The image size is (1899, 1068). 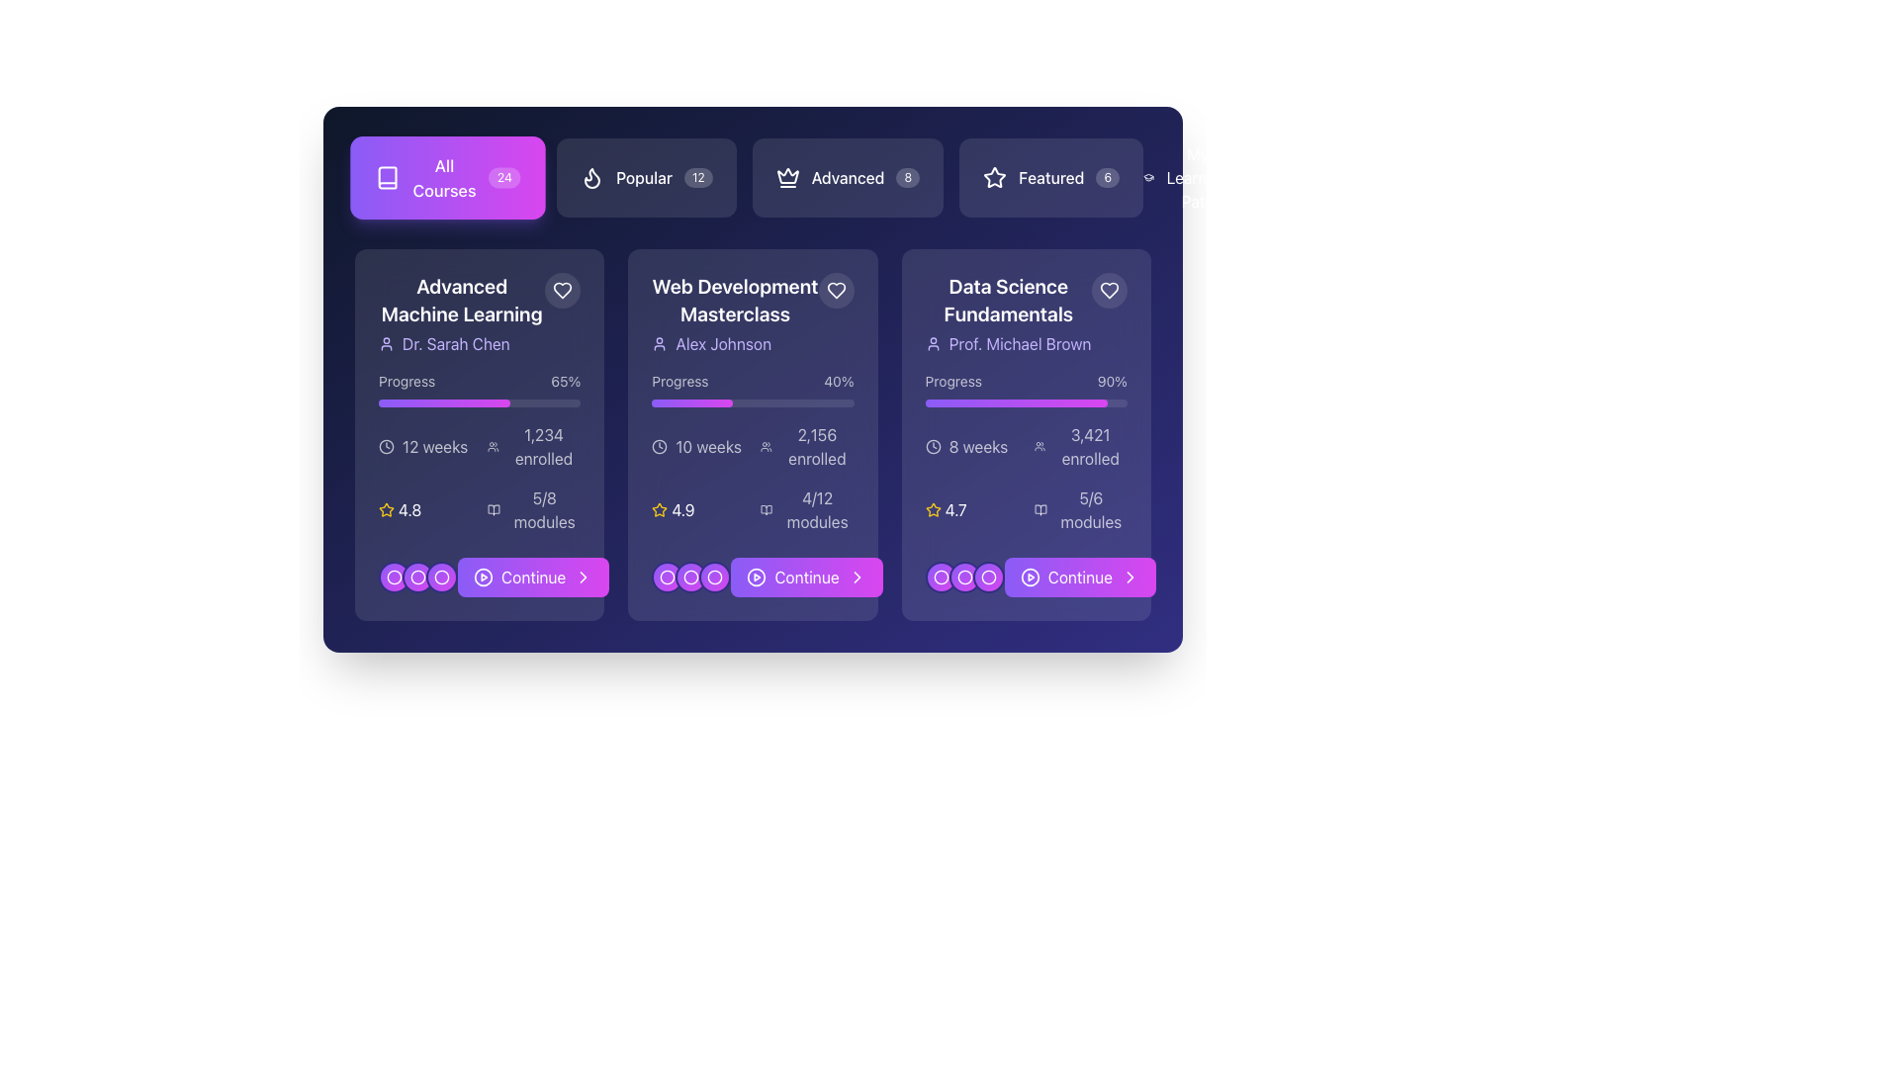 I want to click on the arrow icon located at the far right of the 'Continue' button at the bottom center of the course card, so click(x=583, y=577).